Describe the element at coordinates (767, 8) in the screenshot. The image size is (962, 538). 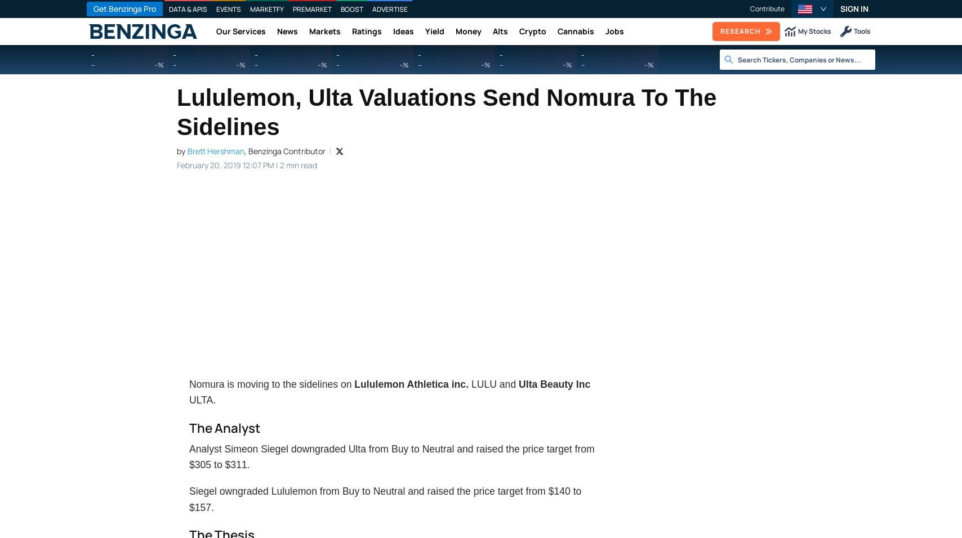
I see `'Contribute'` at that location.